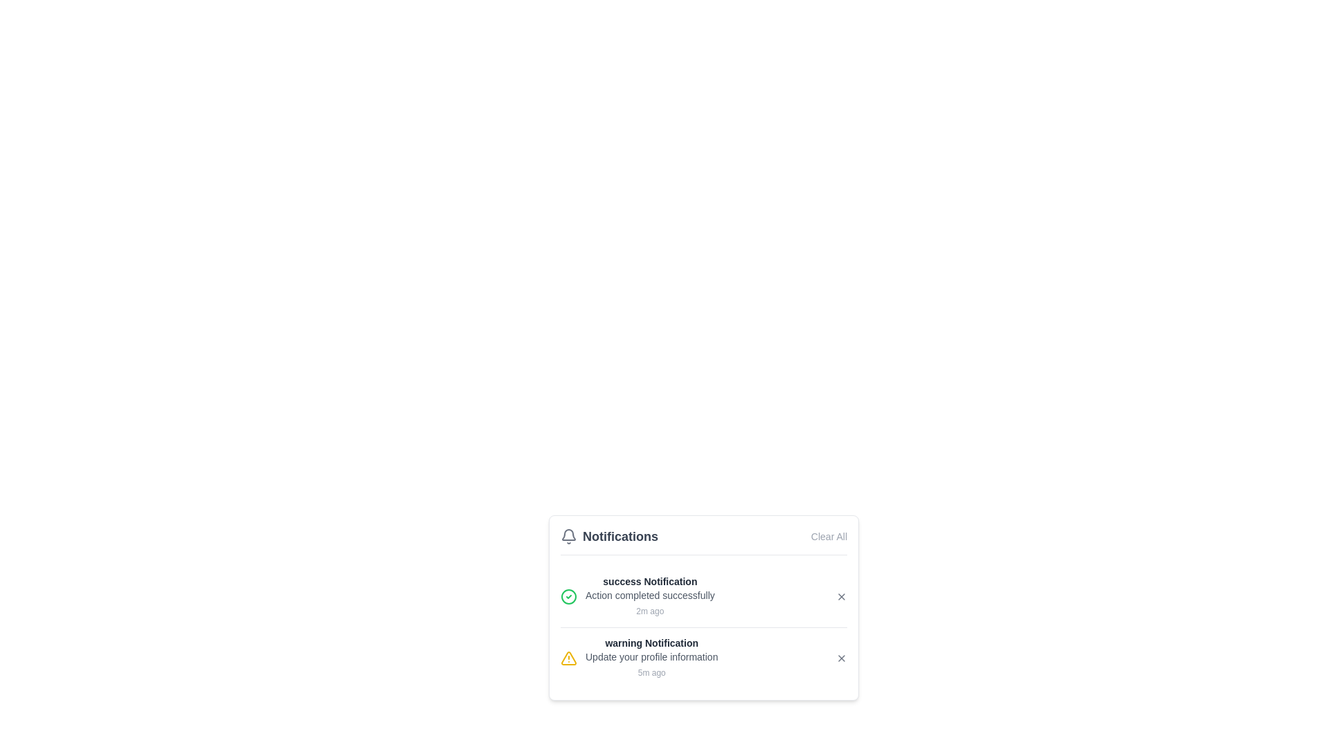  I want to click on the text string styled in small gray font that reads 'Action completed successfully', which is located within the notification card interface beneath the 'success Notification' title, so click(649, 594).